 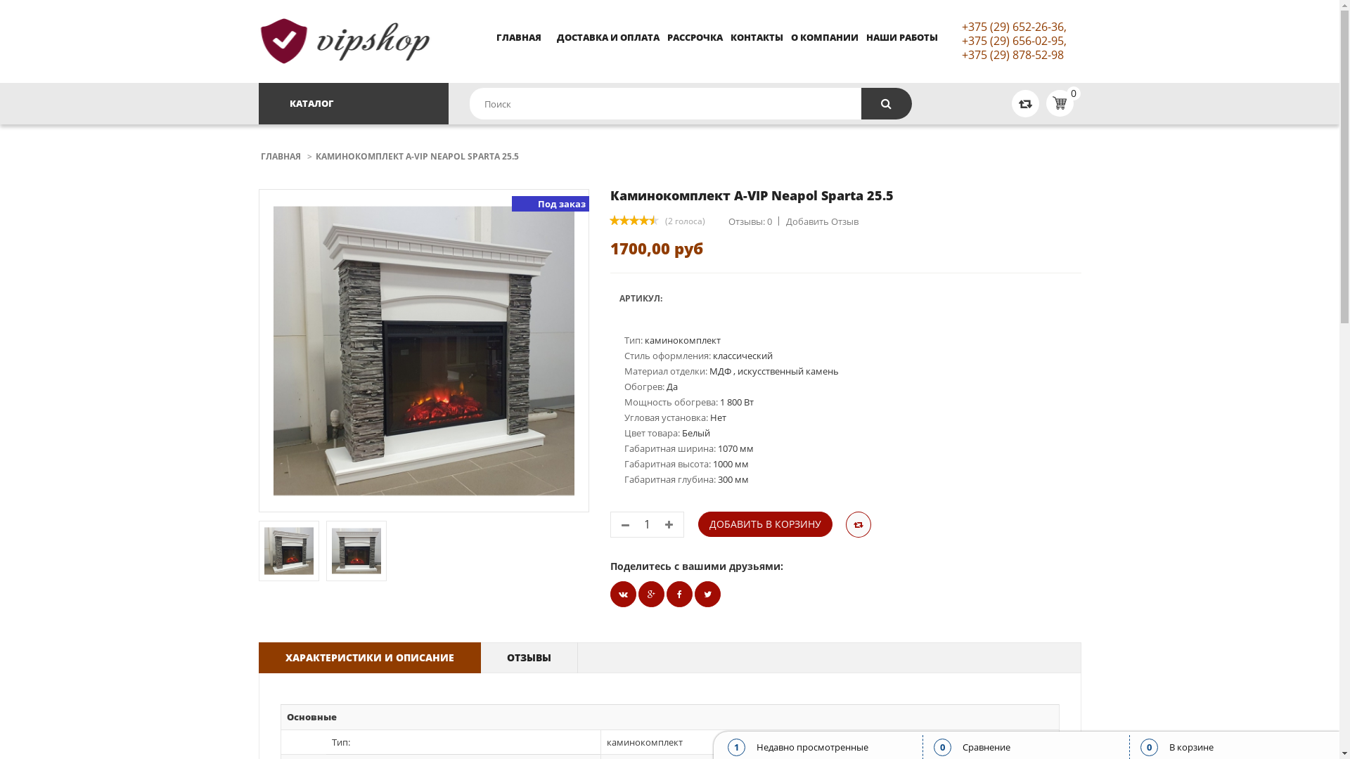 I want to click on 'Twitter', so click(x=707, y=594).